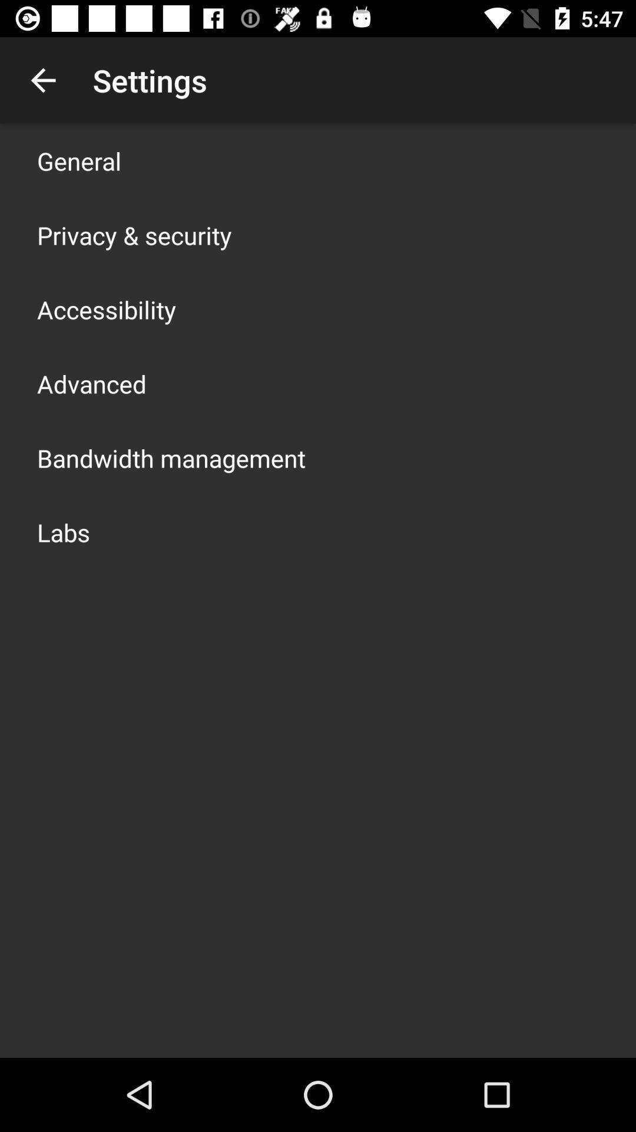  I want to click on labs icon, so click(64, 531).